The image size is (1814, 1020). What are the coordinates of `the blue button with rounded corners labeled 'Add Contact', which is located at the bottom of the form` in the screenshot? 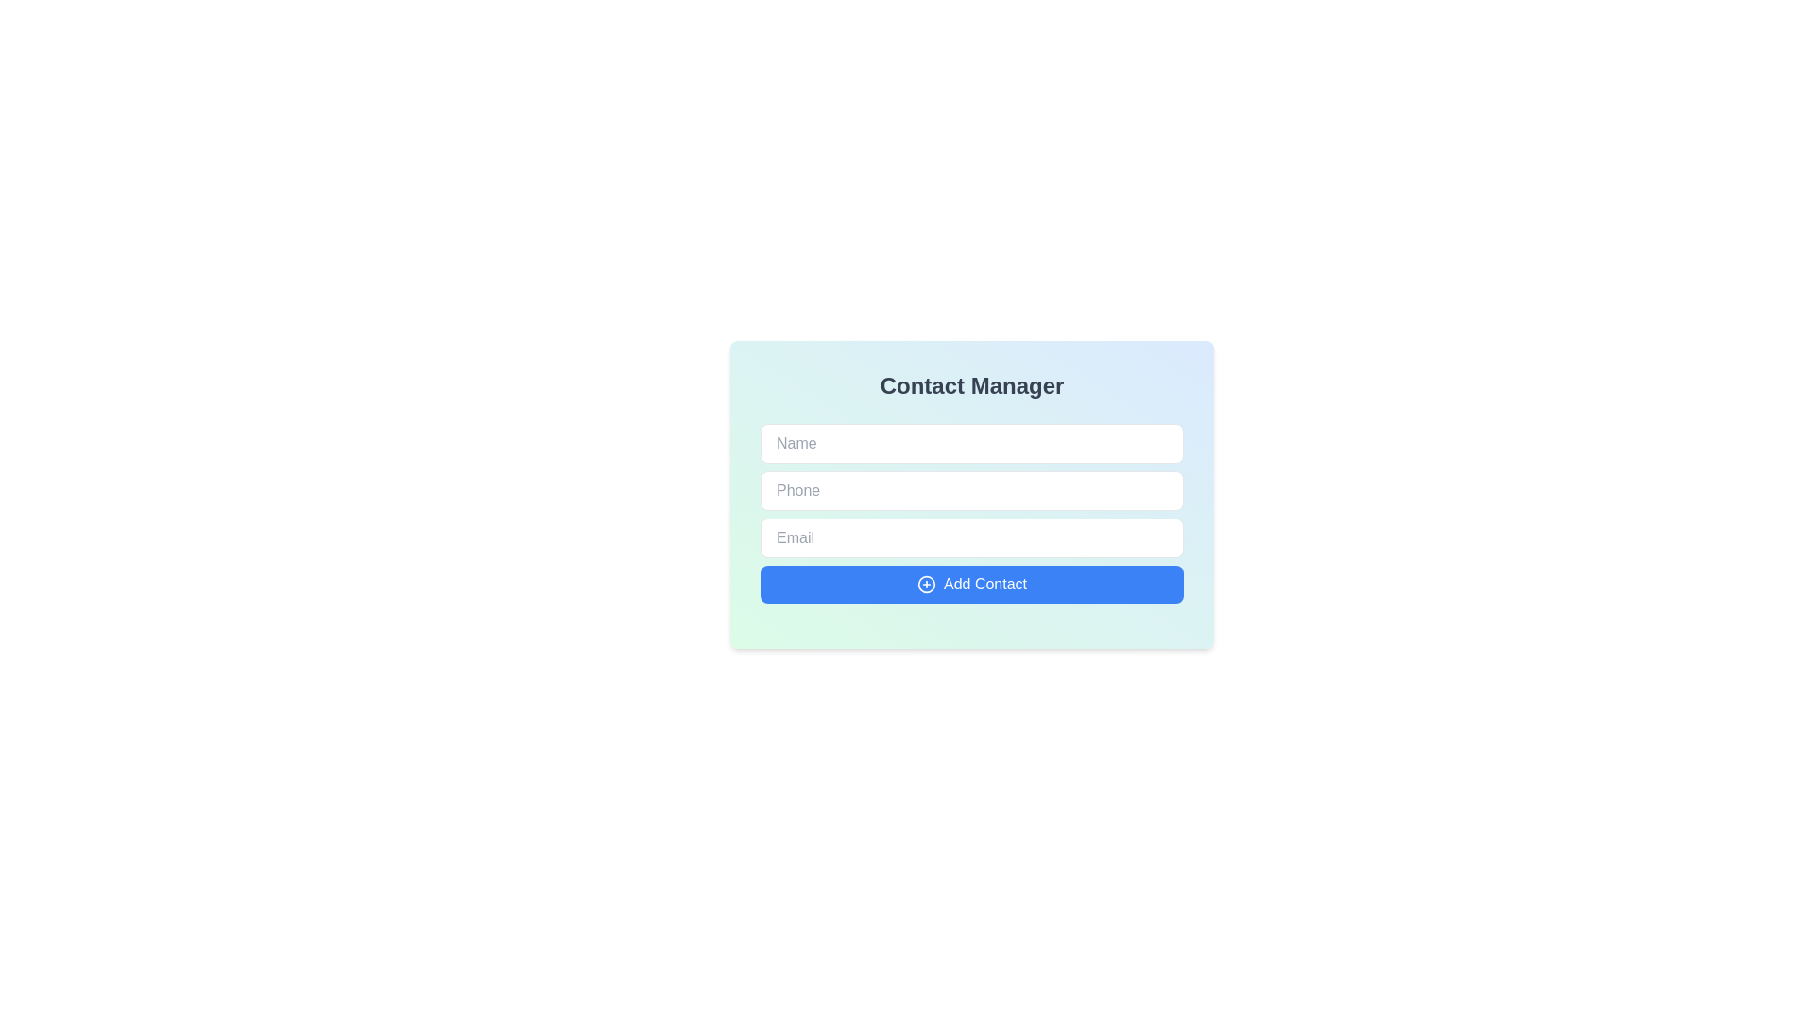 It's located at (971, 583).